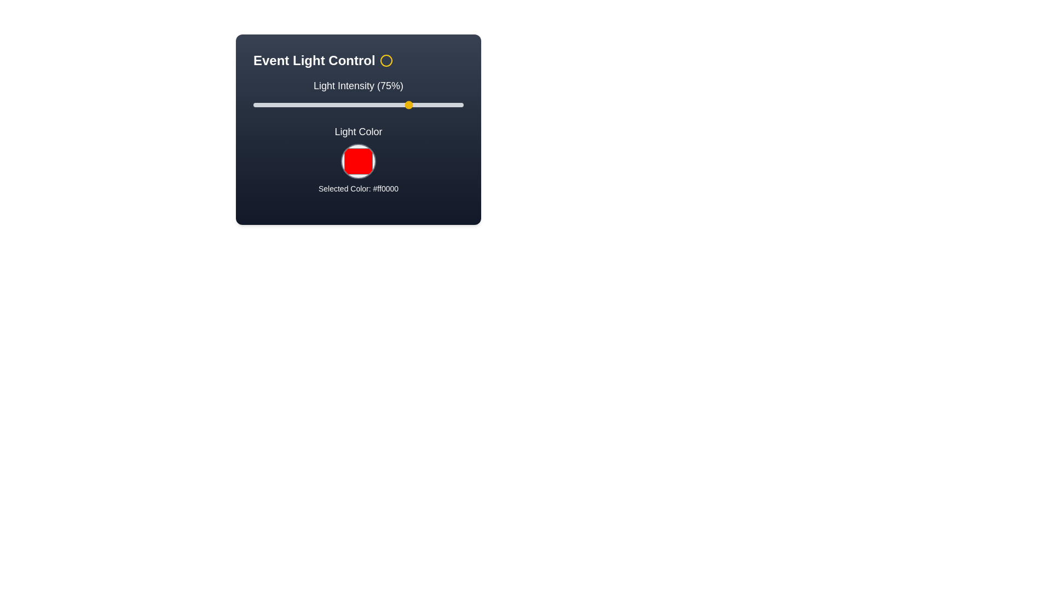 The height and width of the screenshot is (591, 1051). Describe the element at coordinates (421, 105) in the screenshot. I see `the light intensity to 80% by moving the slider` at that location.